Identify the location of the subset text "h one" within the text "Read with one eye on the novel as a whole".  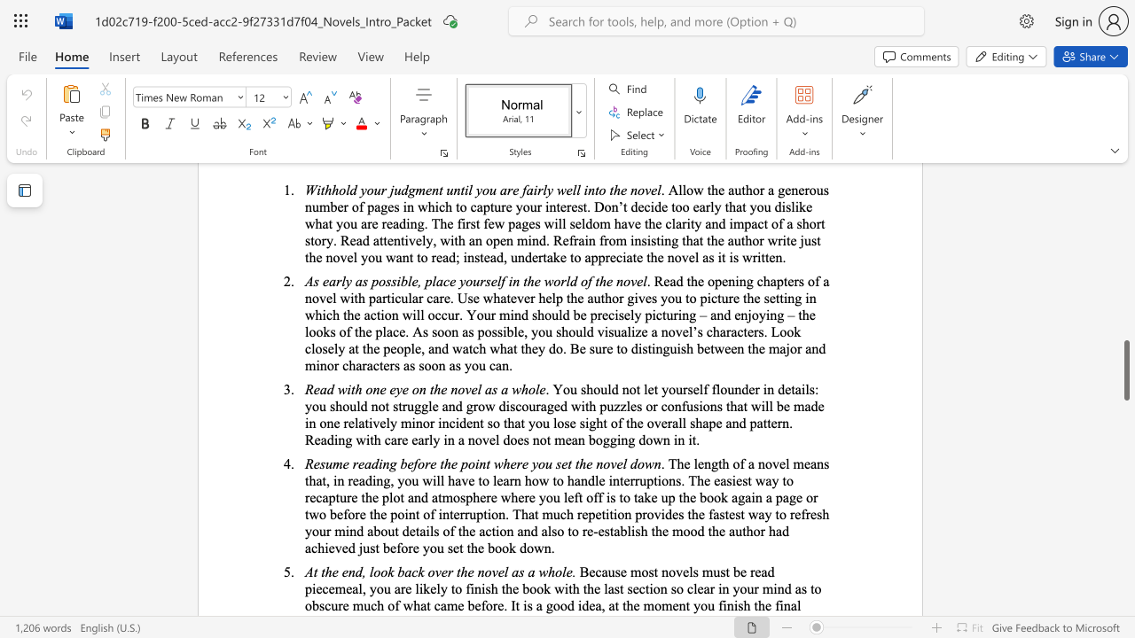
(355, 388).